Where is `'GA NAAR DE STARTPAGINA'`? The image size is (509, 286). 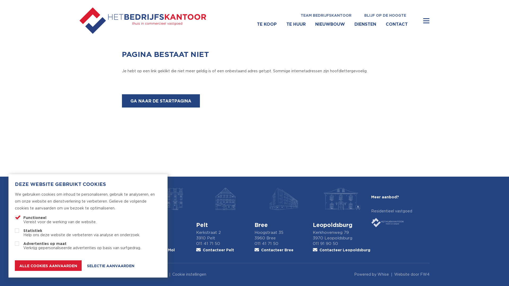 'GA NAAR DE STARTPAGINA' is located at coordinates (160, 101).